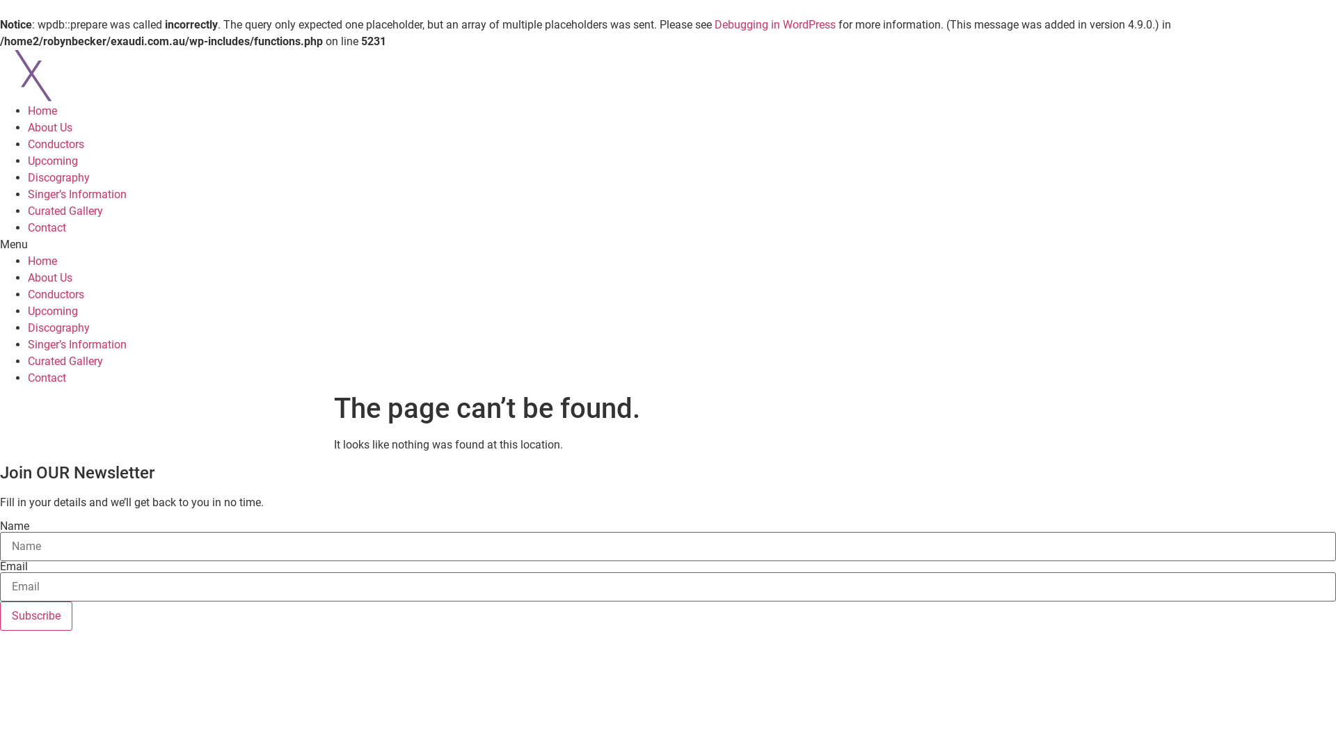  What do you see at coordinates (27, 211) in the screenshot?
I see `'Curated Gallery'` at bounding box center [27, 211].